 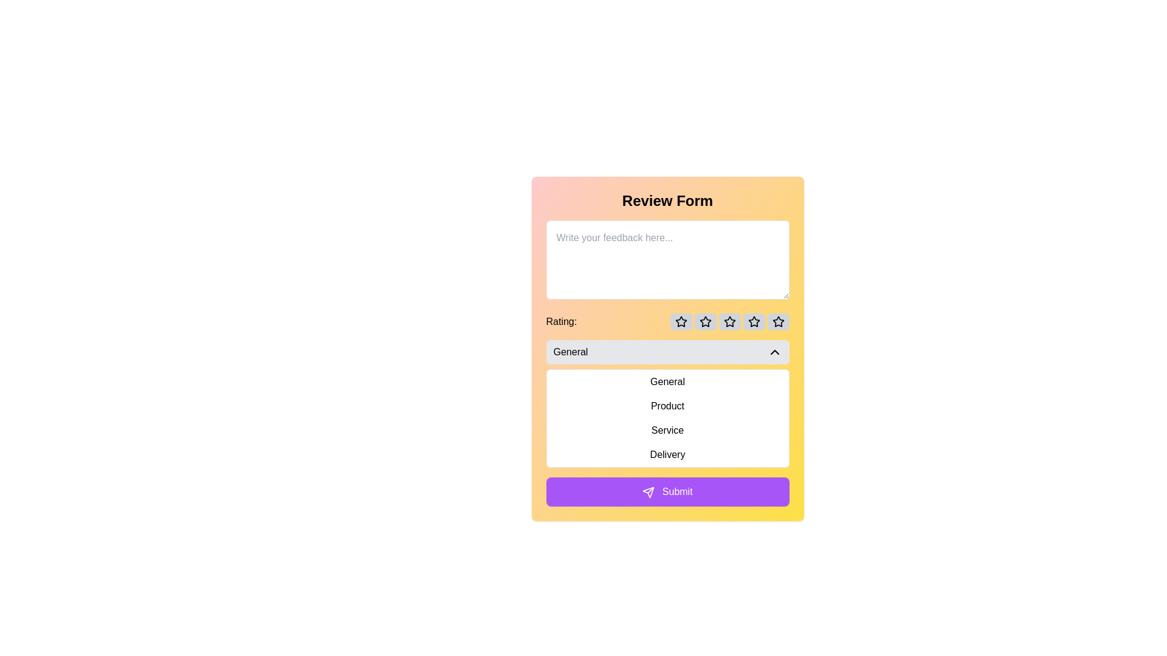 I want to click on the third star in the rating options under the label 'Rating:', so click(x=729, y=321).